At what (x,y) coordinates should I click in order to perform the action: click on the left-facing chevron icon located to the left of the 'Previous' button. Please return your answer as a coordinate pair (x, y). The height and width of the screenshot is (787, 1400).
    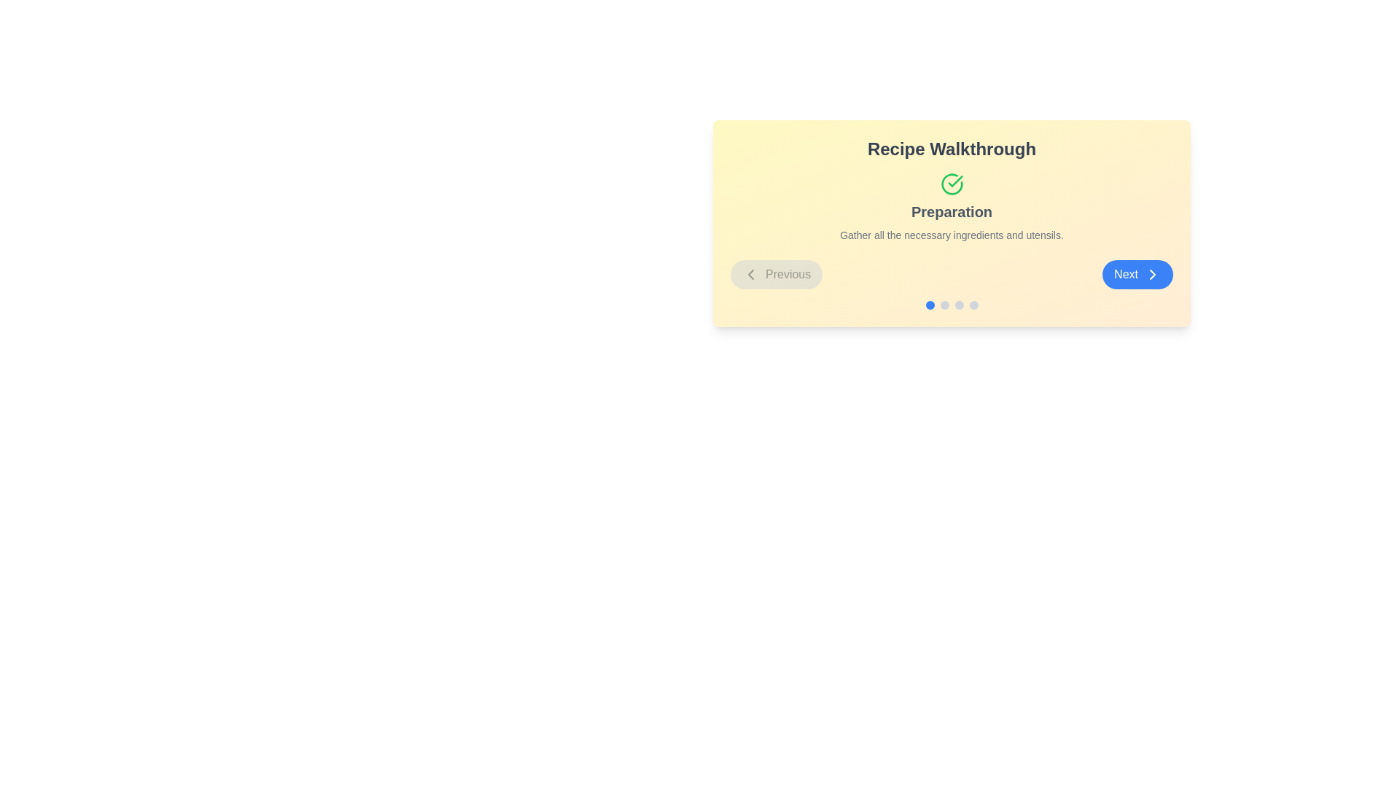
    Looking at the image, I should click on (751, 275).